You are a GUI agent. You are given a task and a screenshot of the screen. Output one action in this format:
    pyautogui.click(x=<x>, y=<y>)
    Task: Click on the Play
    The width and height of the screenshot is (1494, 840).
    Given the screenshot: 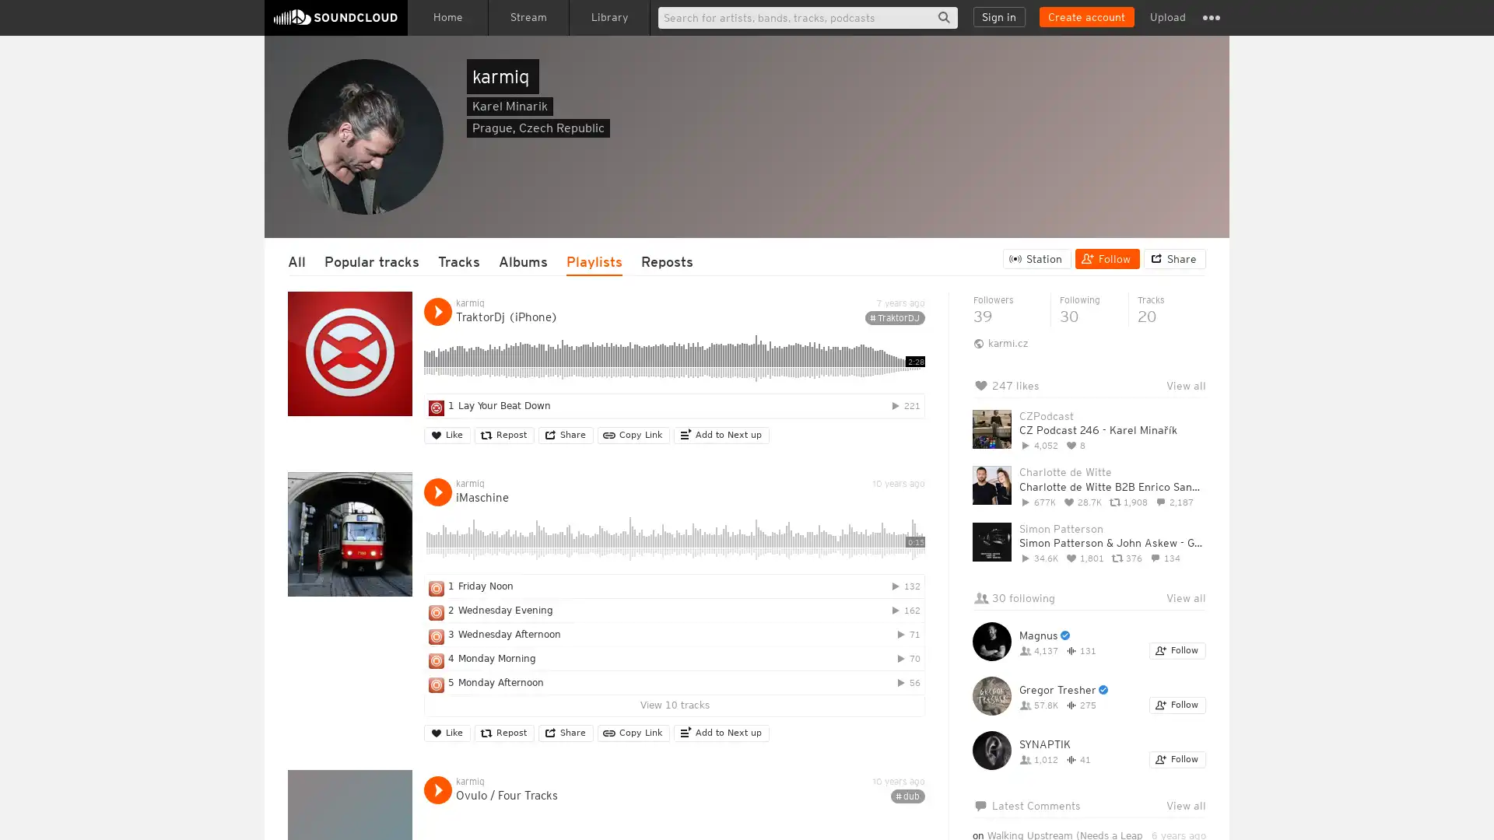 What is the action you would take?
    pyautogui.click(x=437, y=492)
    